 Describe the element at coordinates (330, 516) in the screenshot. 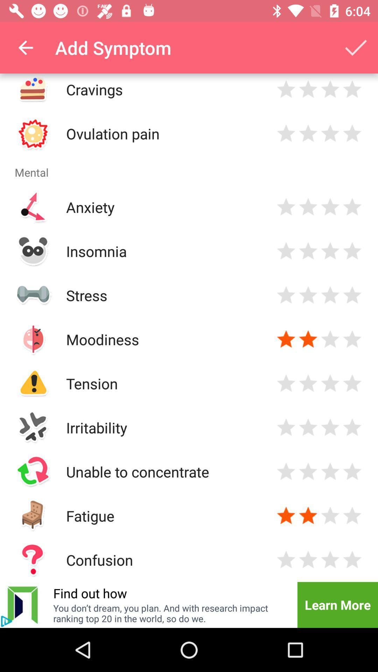

I see `click the star` at that location.